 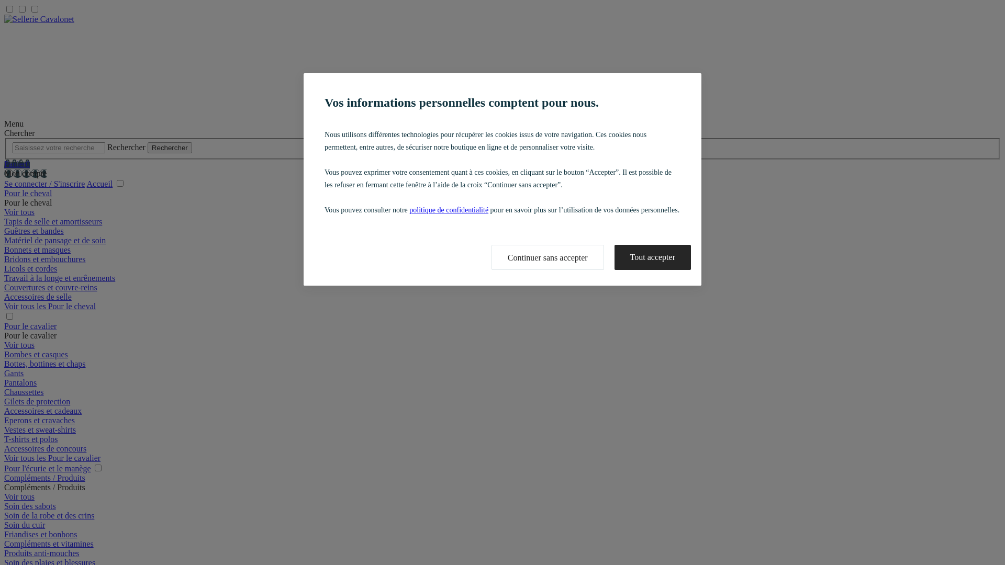 I want to click on 'Soin du cuir', so click(x=25, y=525).